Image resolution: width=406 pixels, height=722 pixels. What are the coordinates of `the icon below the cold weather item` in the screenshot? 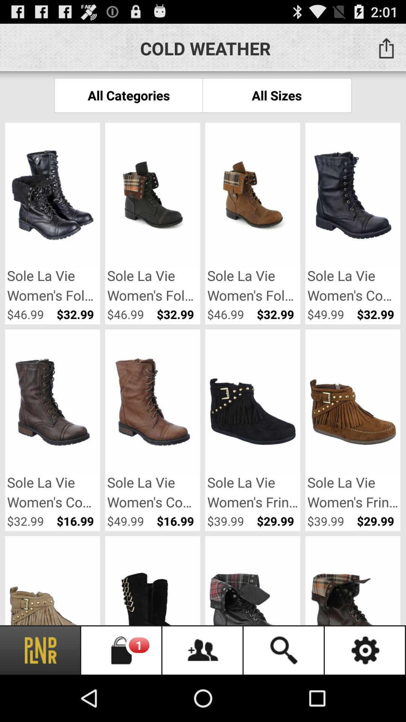 It's located at (128, 95).